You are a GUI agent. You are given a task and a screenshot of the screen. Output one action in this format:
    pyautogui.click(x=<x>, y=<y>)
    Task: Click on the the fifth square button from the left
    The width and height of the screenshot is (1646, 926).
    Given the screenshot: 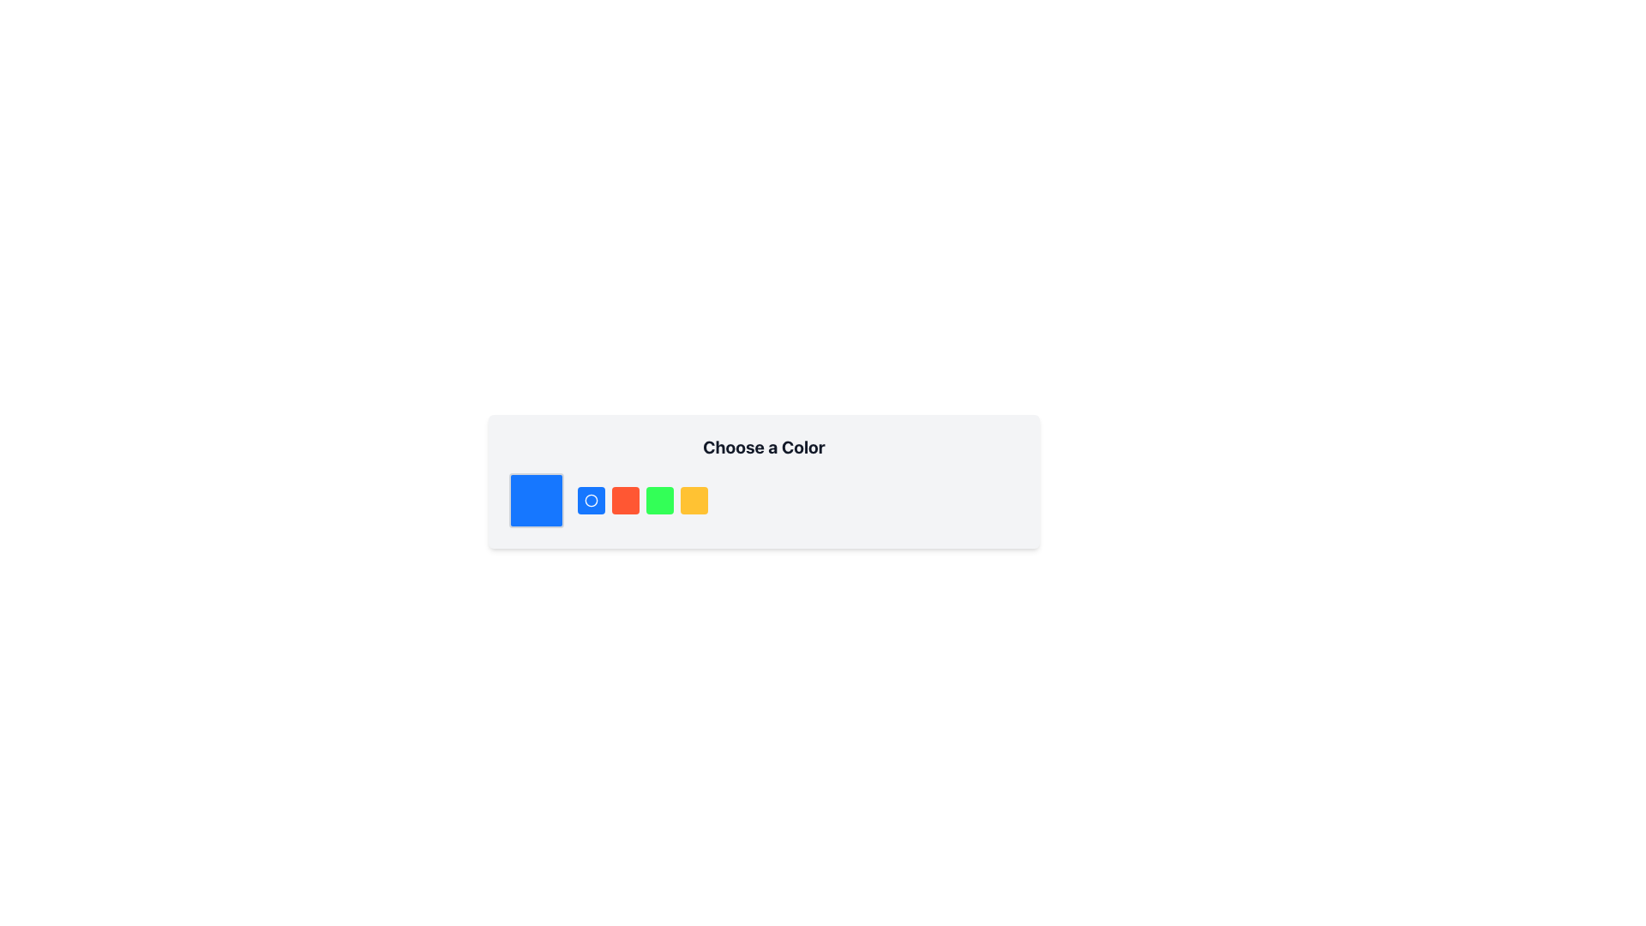 What is the action you would take?
    pyautogui.click(x=658, y=500)
    